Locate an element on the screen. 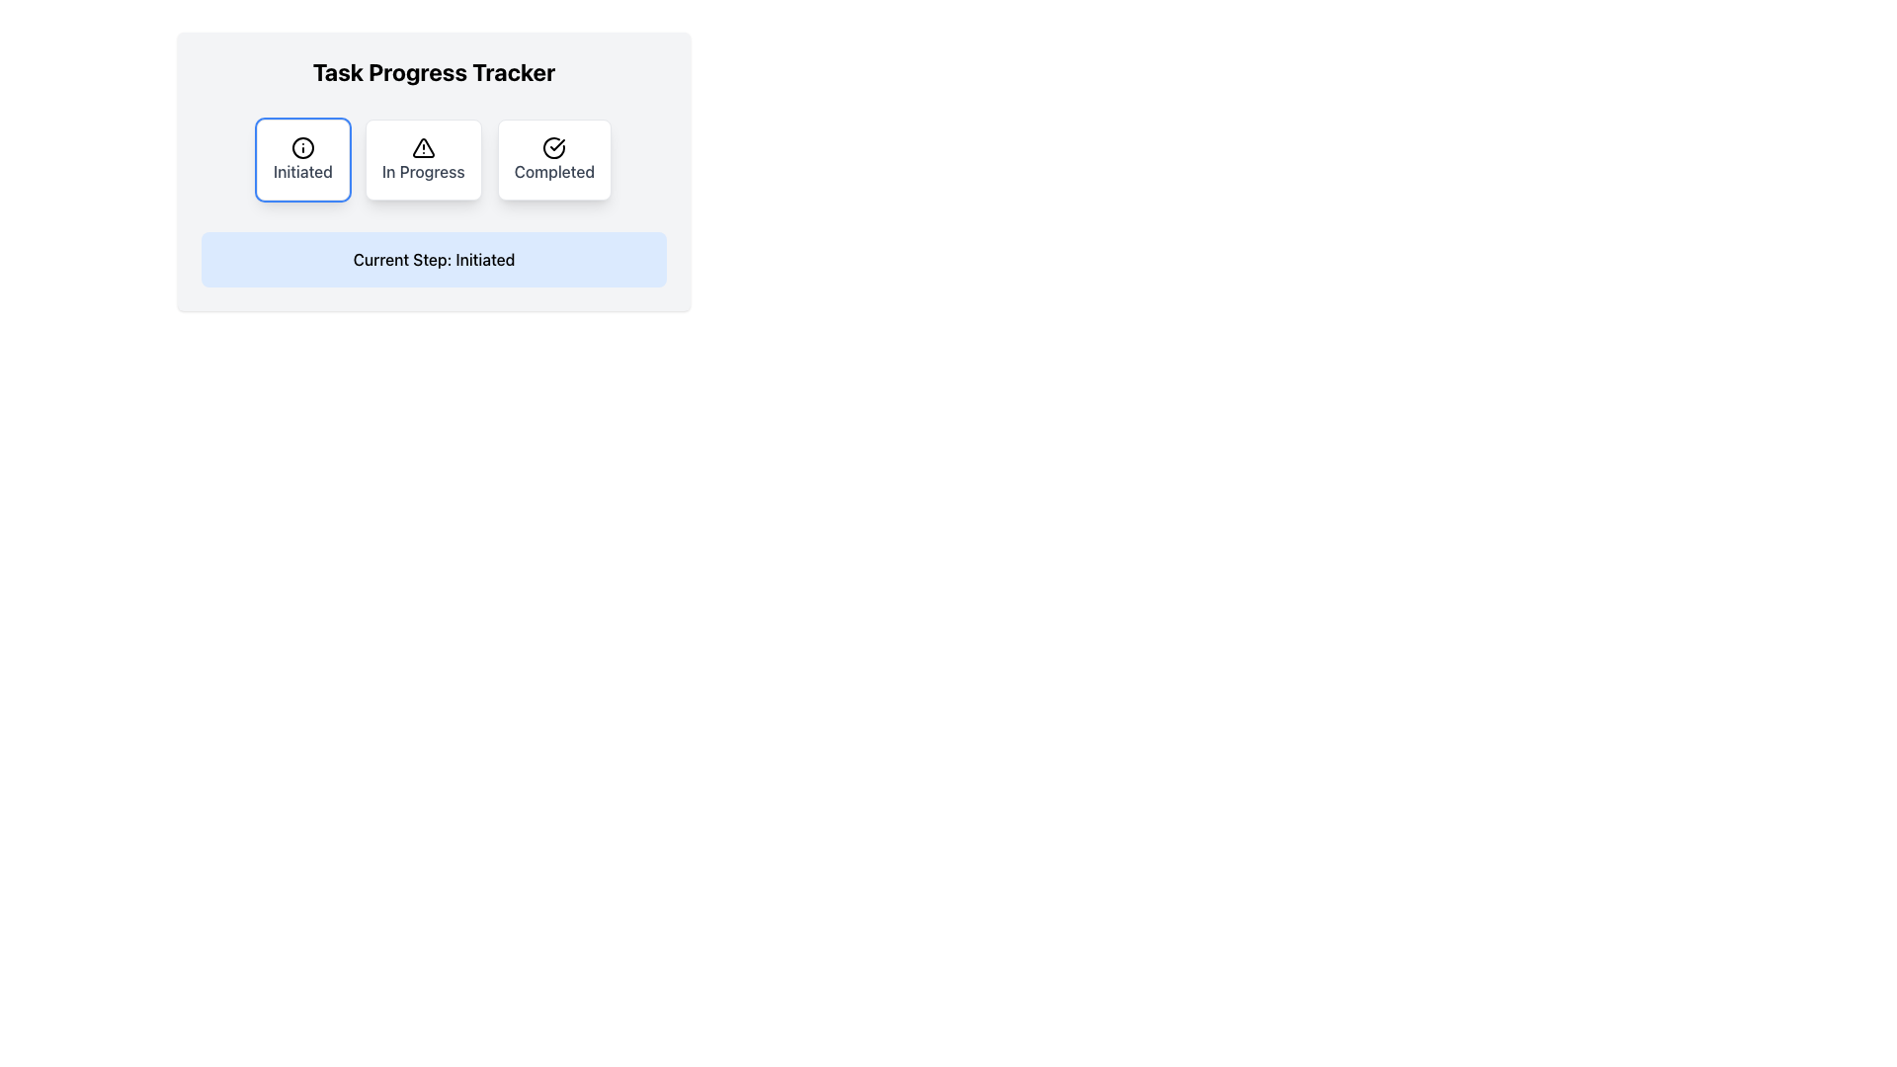 The image size is (1897, 1067). the 'In Progress' button in the group of three buttons labeled 'Initiated', 'In Progress', and 'Completed' is located at coordinates (433, 159).